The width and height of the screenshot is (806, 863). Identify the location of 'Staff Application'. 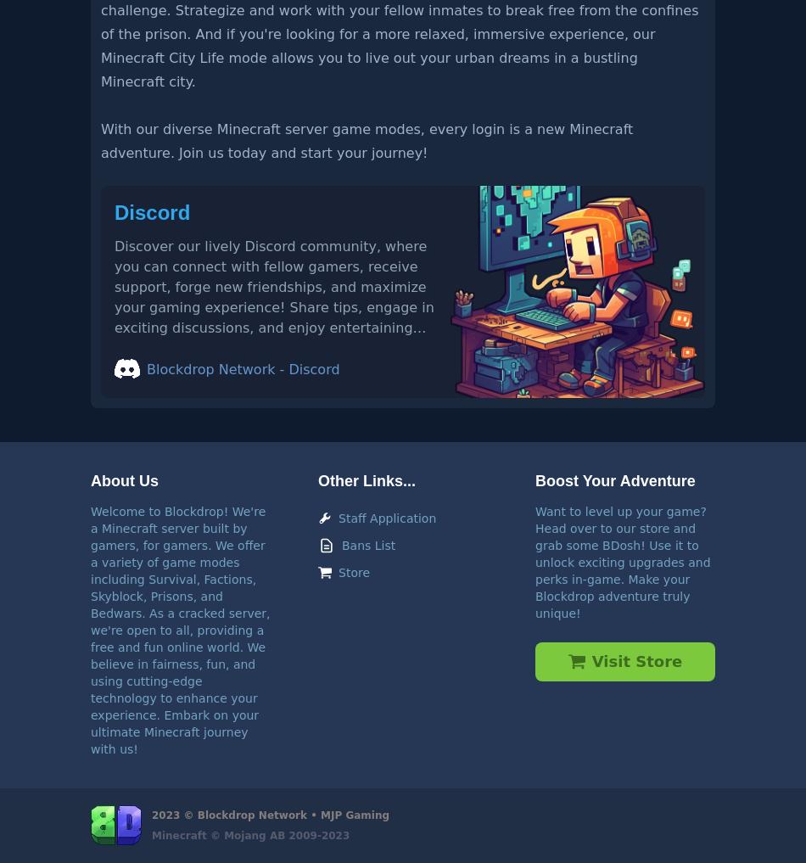
(386, 516).